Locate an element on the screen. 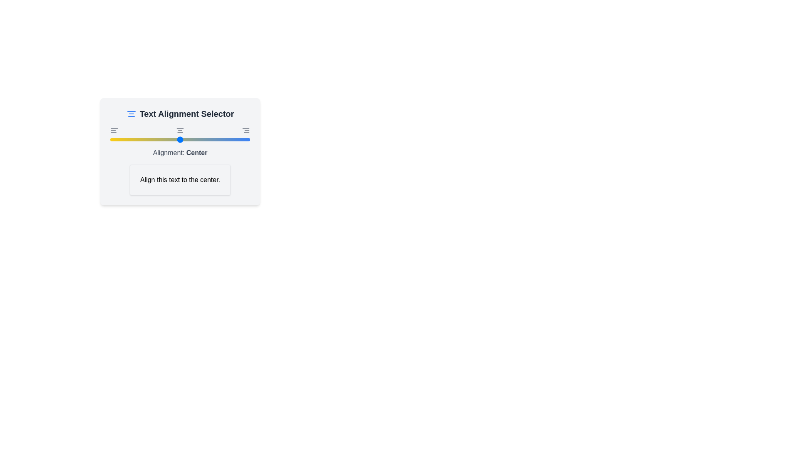 This screenshot has width=799, height=449. the alignment icon to set alignment to center is located at coordinates (179, 130).